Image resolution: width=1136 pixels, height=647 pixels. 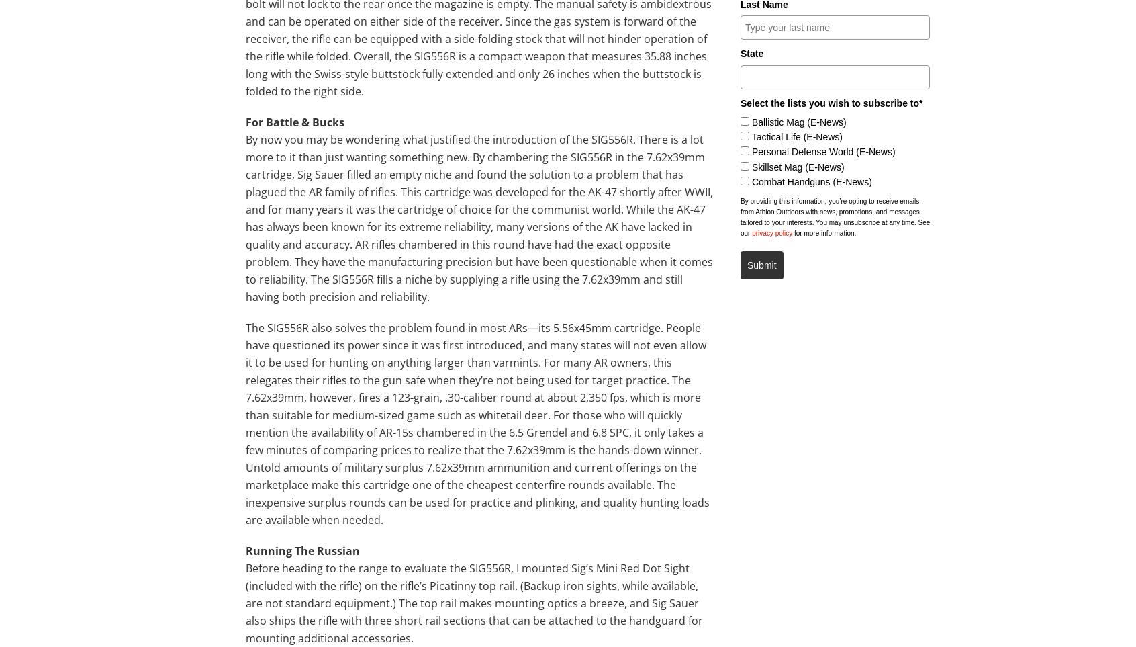 I want to click on 'Select the lists you wish to subscribe to*', so click(x=831, y=103).